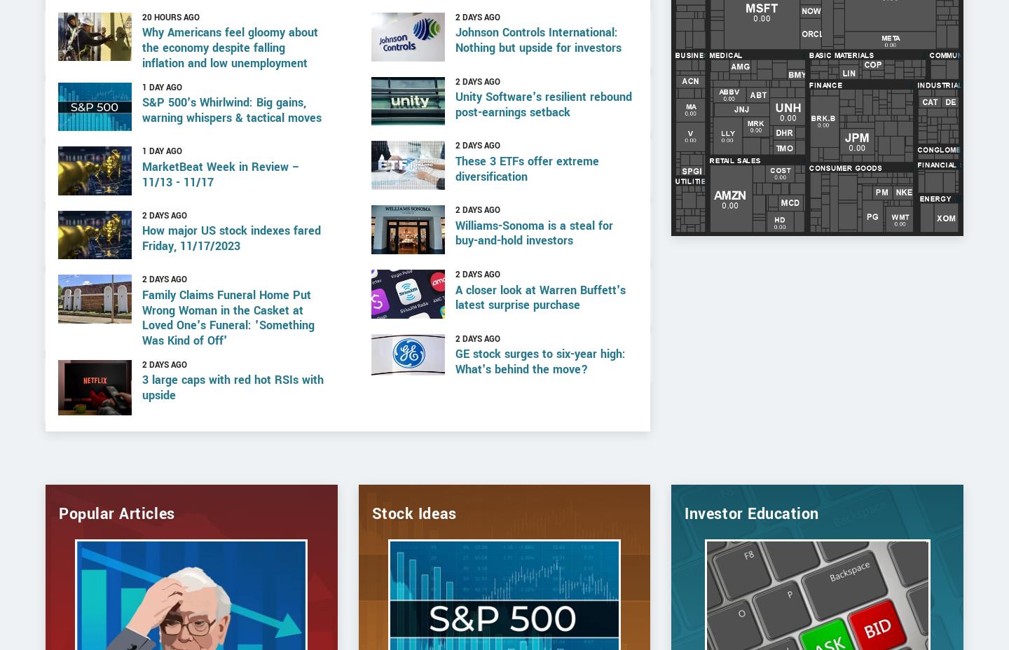  Describe the element at coordinates (539, 342) in the screenshot. I see `'A closer look at Warren Buffett's latest surprise purchase'` at that location.